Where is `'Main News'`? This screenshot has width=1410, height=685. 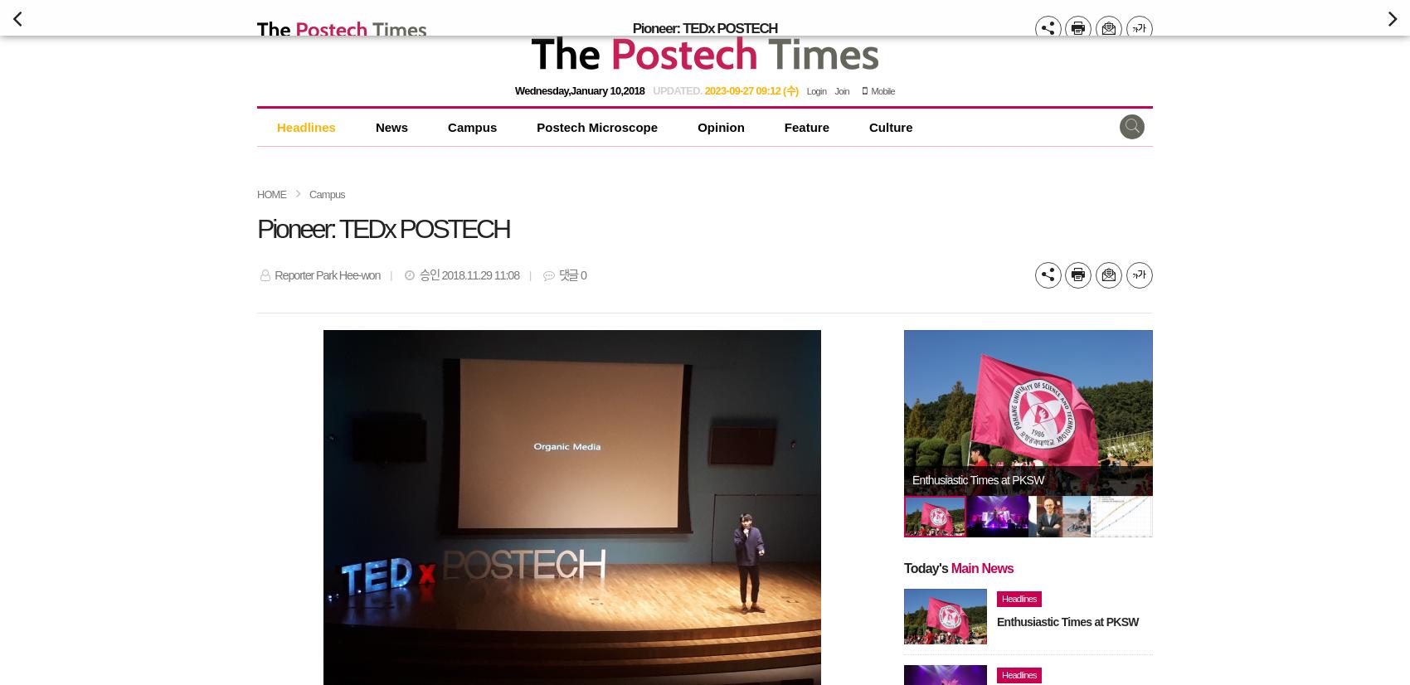 'Main News' is located at coordinates (981, 566).